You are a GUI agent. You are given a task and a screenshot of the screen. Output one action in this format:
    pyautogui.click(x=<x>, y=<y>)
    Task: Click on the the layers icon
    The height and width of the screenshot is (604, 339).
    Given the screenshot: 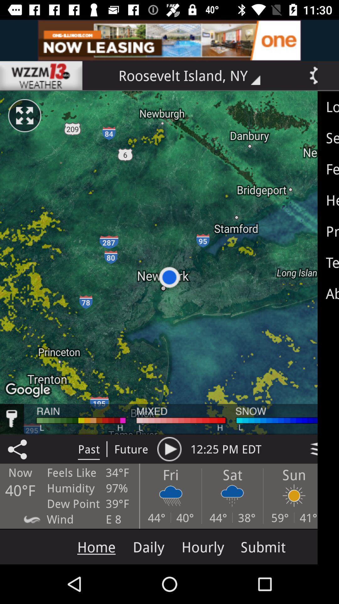 What is the action you would take?
    pyautogui.click(x=320, y=449)
    